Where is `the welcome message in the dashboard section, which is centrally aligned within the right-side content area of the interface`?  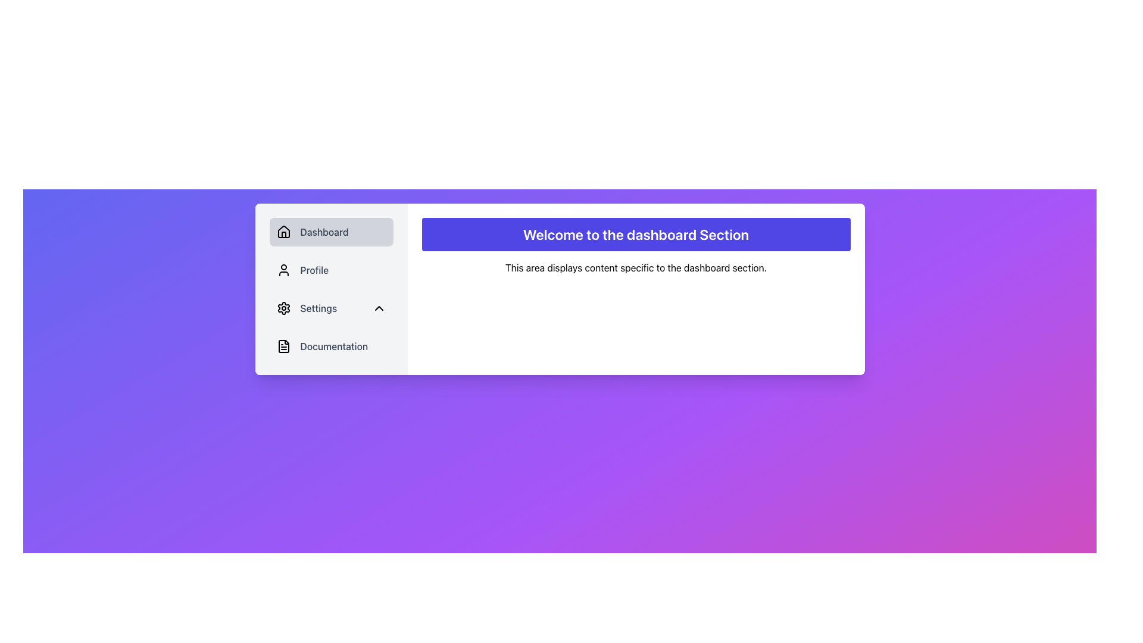
the welcome message in the dashboard section, which is centrally aligned within the right-side content area of the interface is located at coordinates (635, 234).